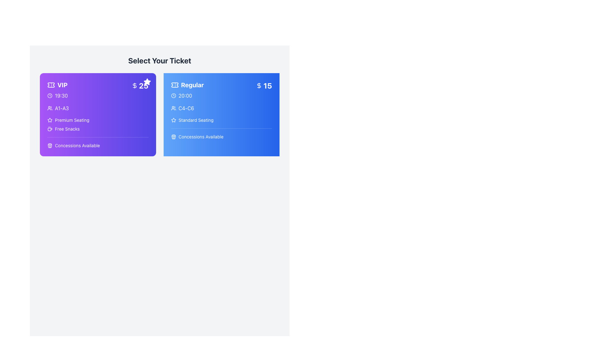 The height and width of the screenshot is (339, 603). Describe the element at coordinates (51, 85) in the screenshot. I see `the VIP ticket class icon located at the upper-left corner of the VIP ticket card, adjacent to the text 'VIP'` at that location.